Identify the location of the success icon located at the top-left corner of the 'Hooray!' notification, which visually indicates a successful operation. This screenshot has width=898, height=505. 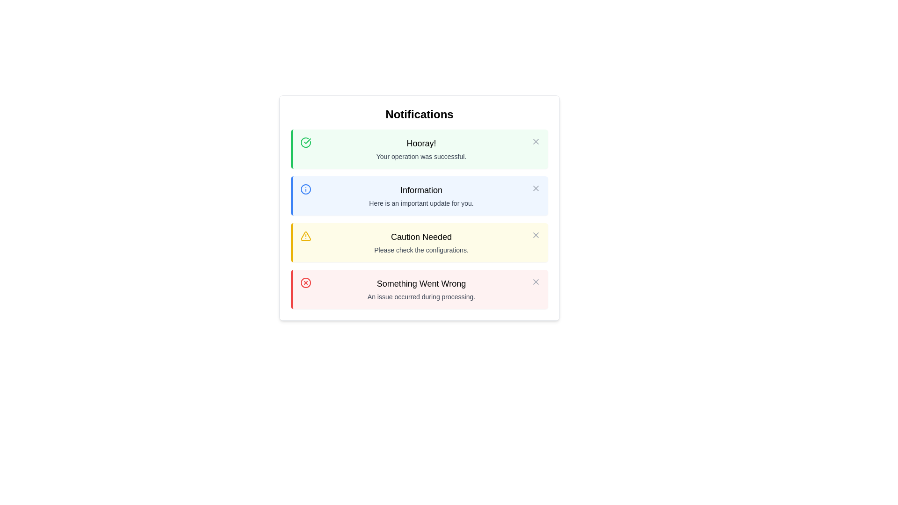
(305, 142).